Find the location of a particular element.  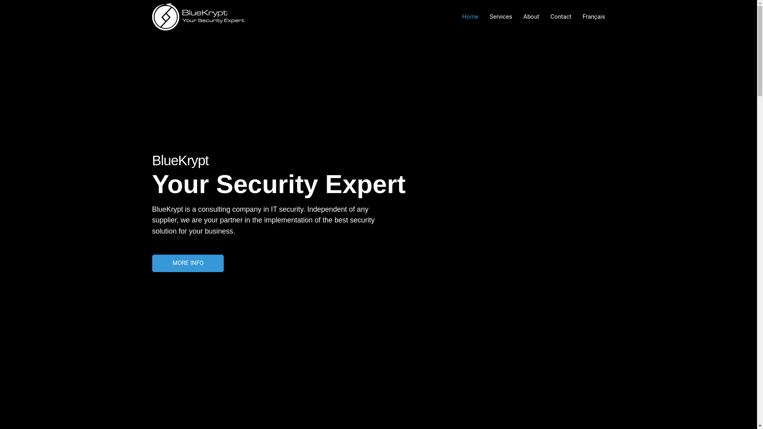

'Contact' is located at coordinates (560, 17).